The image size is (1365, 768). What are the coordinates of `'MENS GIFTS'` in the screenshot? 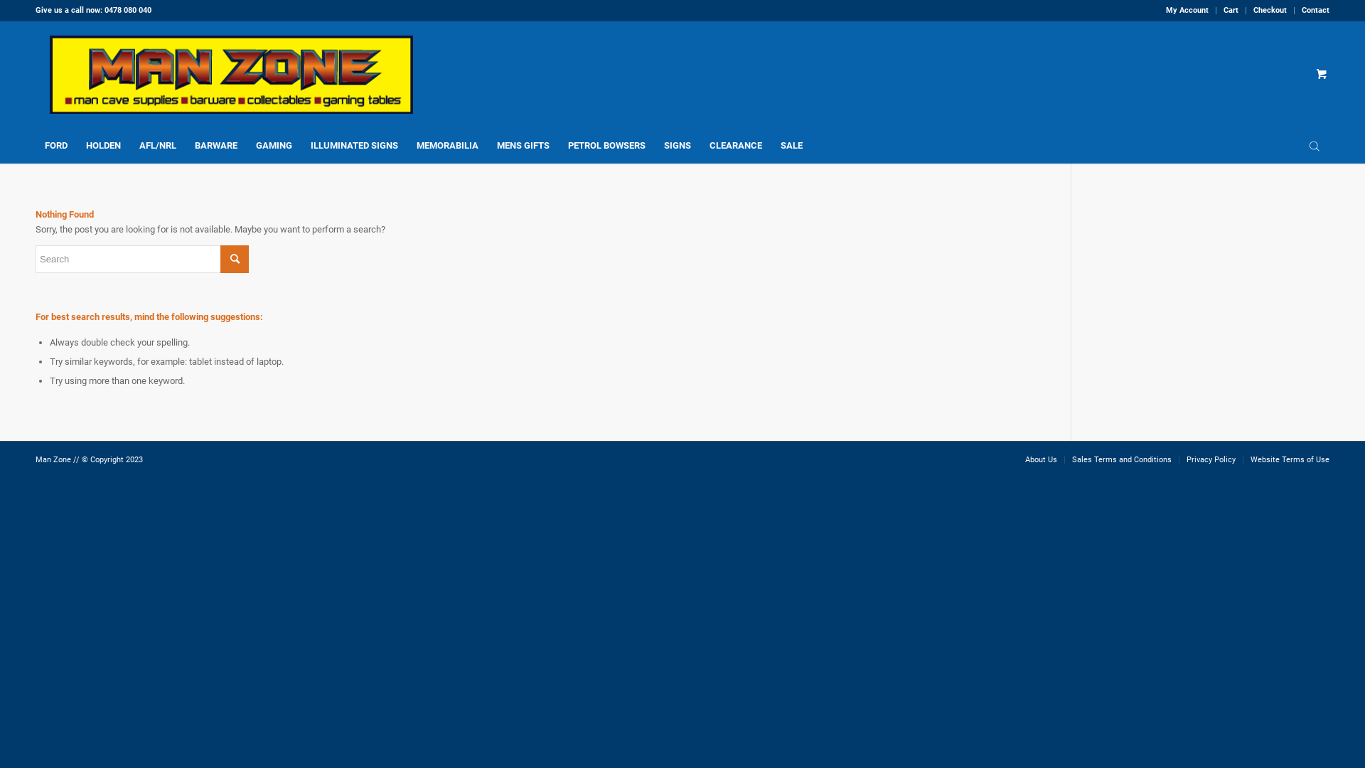 It's located at (522, 145).